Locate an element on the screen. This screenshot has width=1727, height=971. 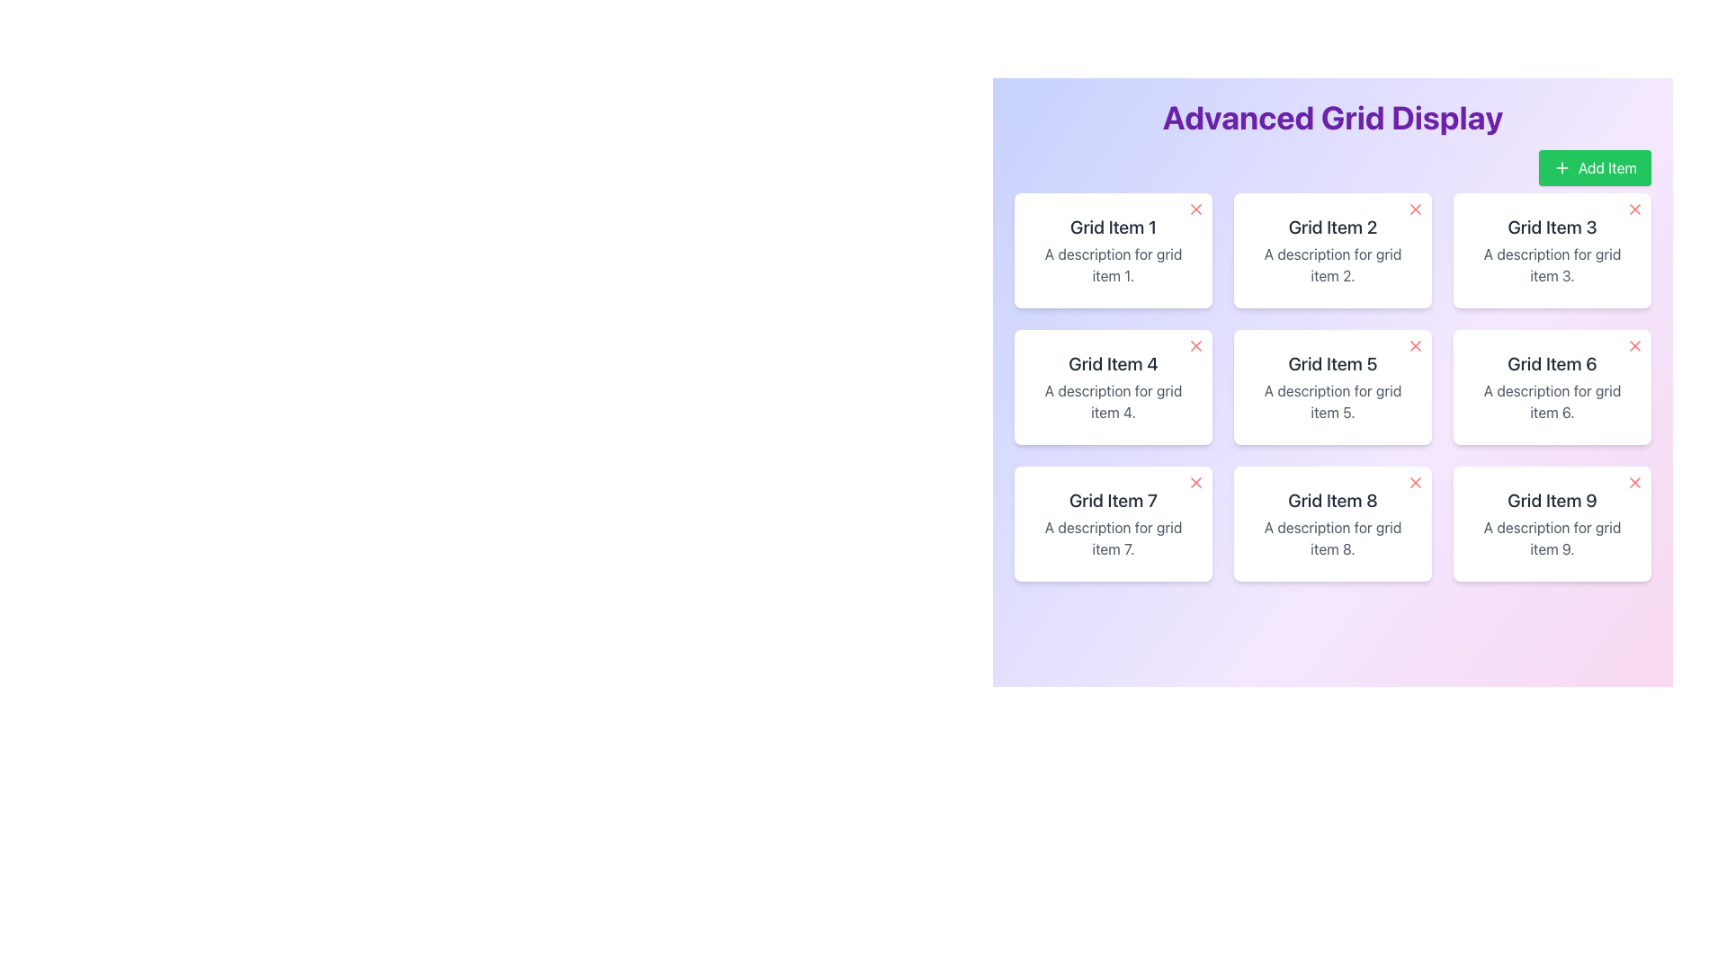
the red 'X' close icon located at the top-right corner of the 'Grid Item 7' card is located at coordinates (1195, 481).